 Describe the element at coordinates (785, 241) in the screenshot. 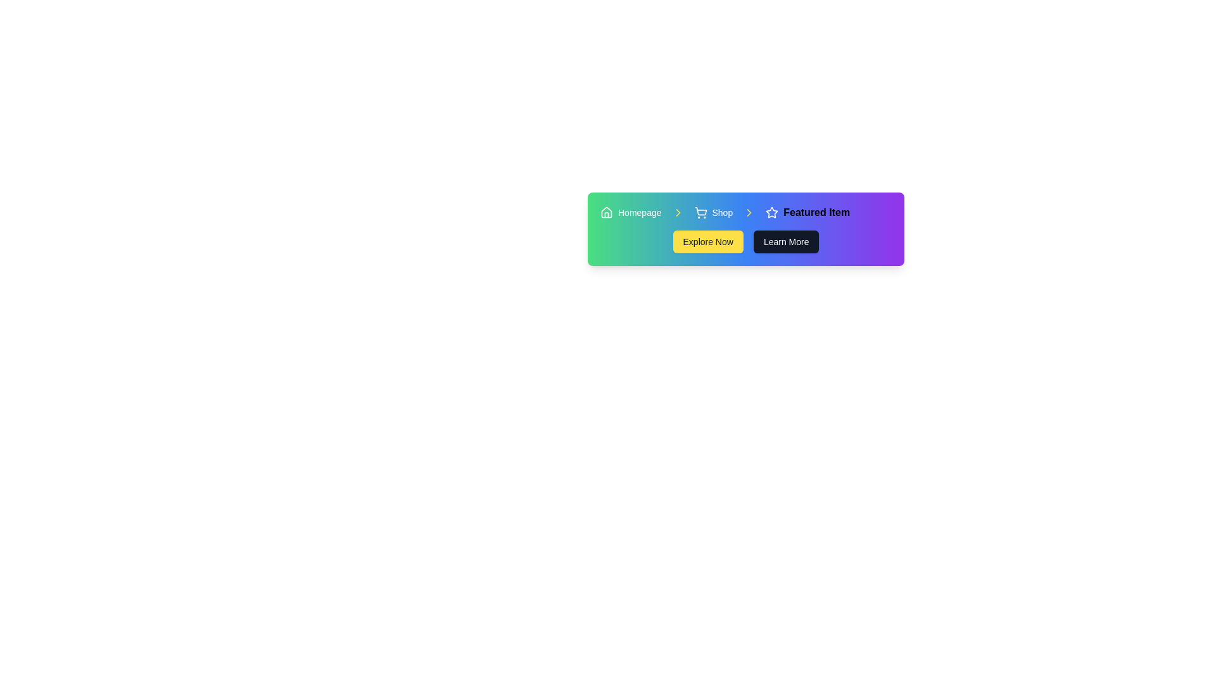

I see `the second button in the horizontal group of two buttons, located at the bottom right corner of the colorful navigation banner, to trigger visual feedback` at that location.